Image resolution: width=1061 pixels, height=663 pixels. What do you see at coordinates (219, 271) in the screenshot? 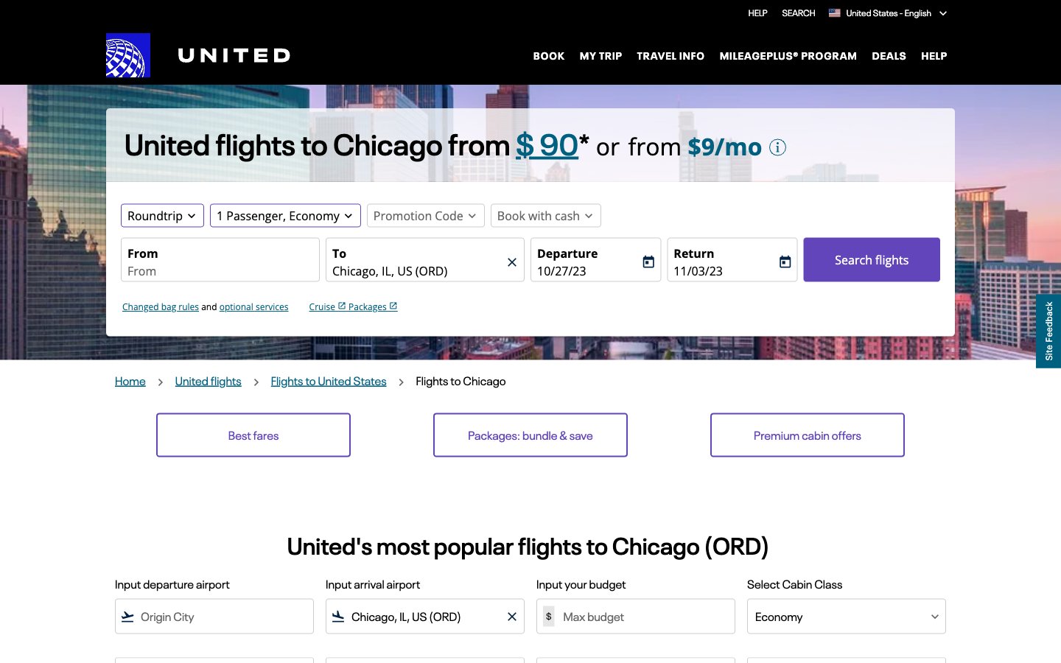
I see `Change the start point and the destination` at bounding box center [219, 271].